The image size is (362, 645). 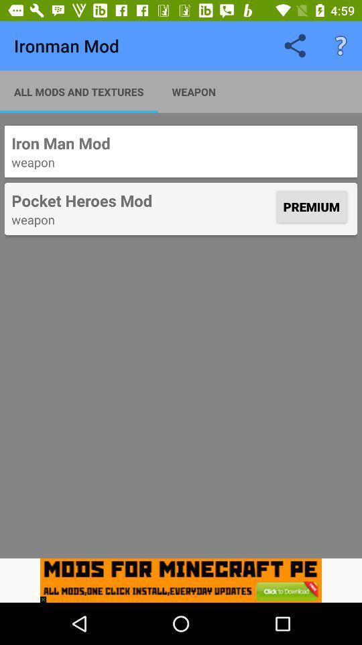 What do you see at coordinates (46, 595) in the screenshot?
I see `item below weapon icon` at bounding box center [46, 595].